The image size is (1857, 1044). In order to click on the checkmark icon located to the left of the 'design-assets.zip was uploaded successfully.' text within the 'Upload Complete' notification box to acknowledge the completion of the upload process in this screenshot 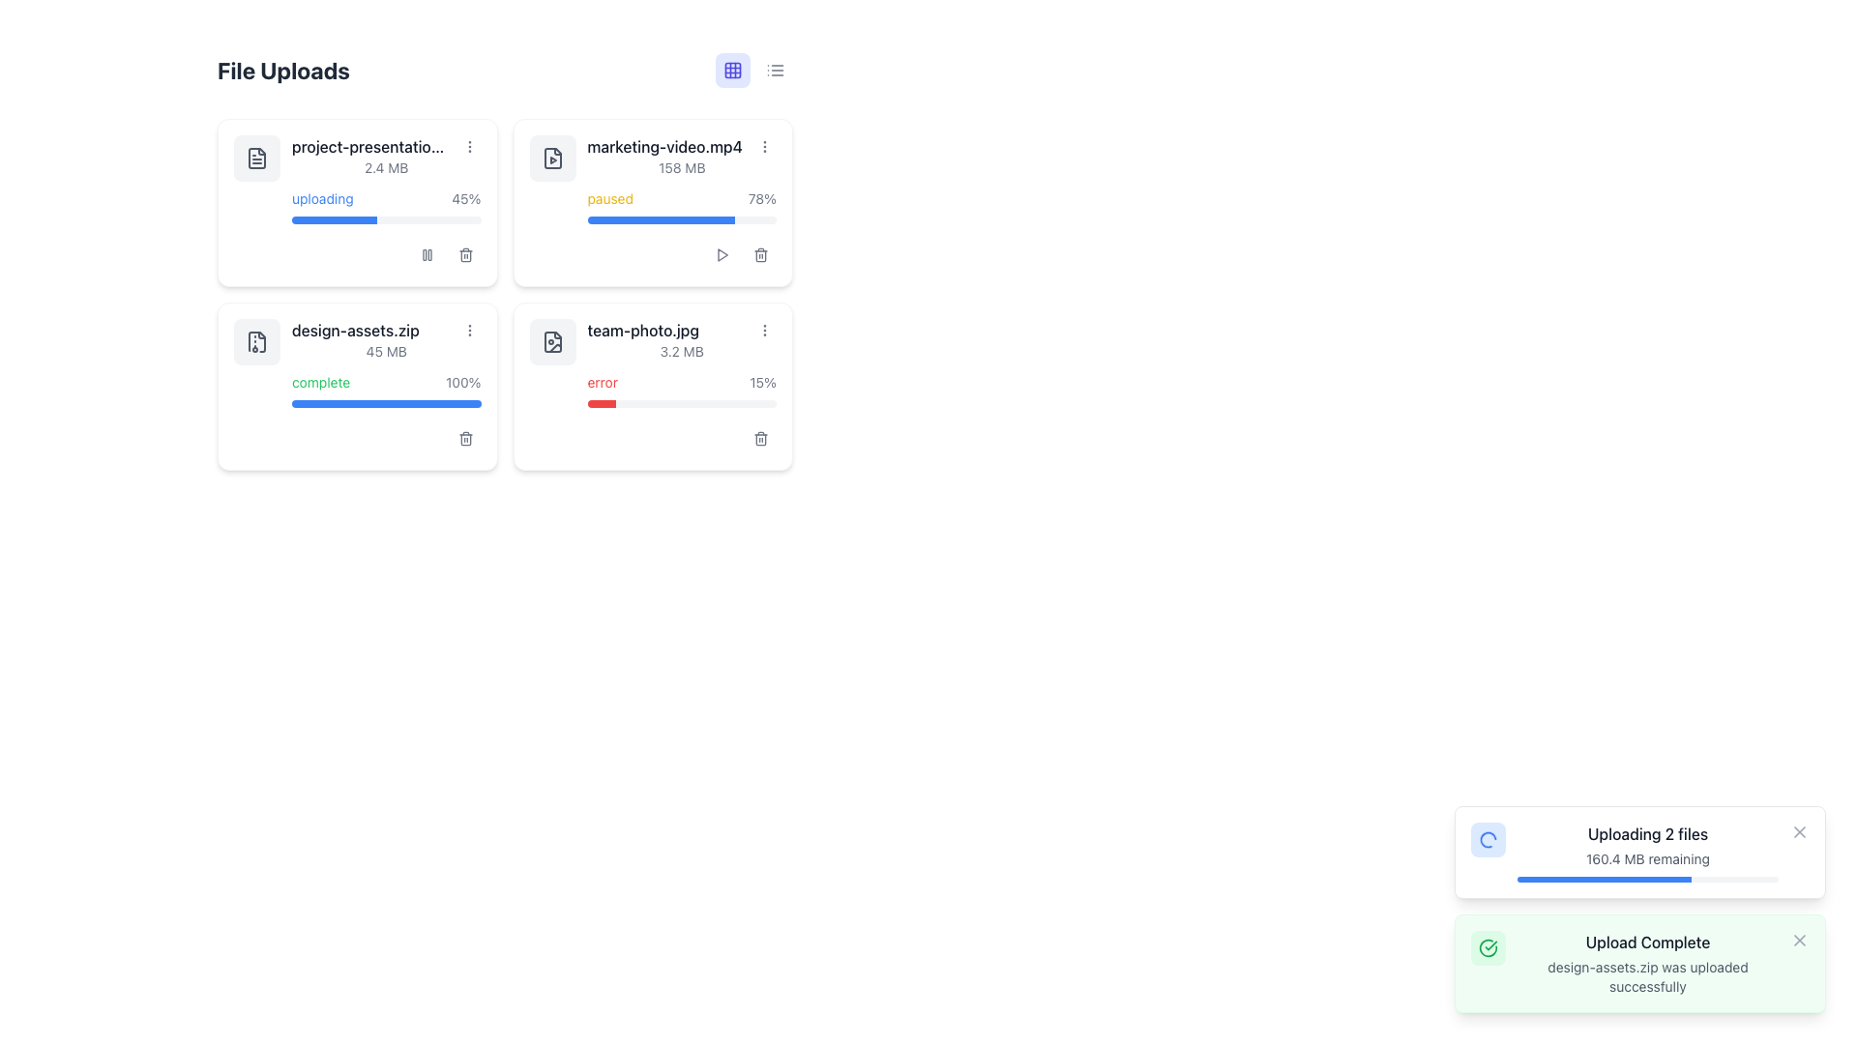, I will do `click(1488, 946)`.